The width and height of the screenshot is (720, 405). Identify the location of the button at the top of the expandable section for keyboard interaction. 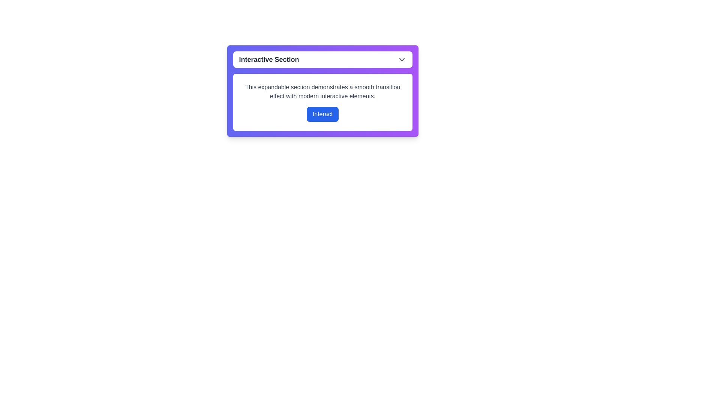
(322, 59).